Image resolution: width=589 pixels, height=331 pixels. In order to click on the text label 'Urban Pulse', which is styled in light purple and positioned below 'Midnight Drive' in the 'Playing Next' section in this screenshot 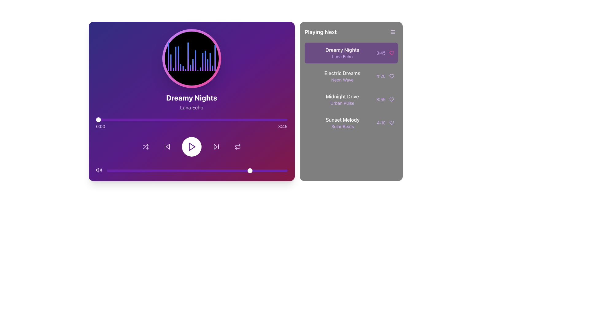, I will do `click(342, 103)`.